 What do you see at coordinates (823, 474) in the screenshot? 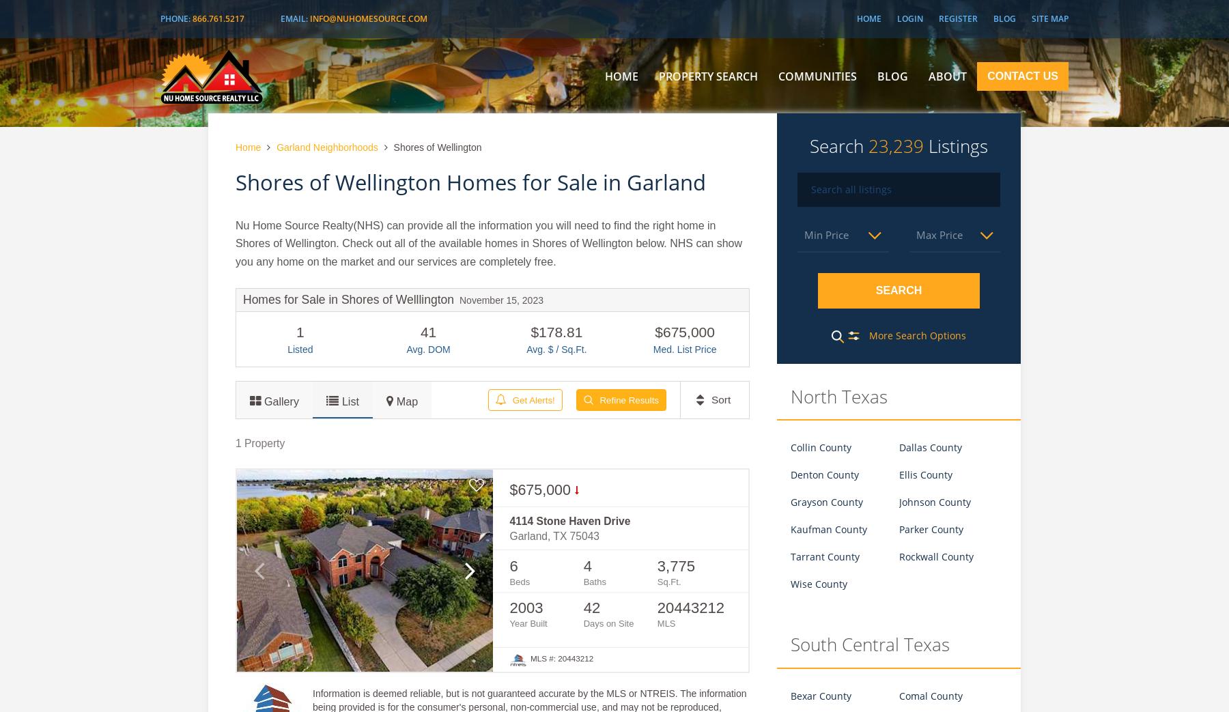
I see `'Denton County'` at bounding box center [823, 474].